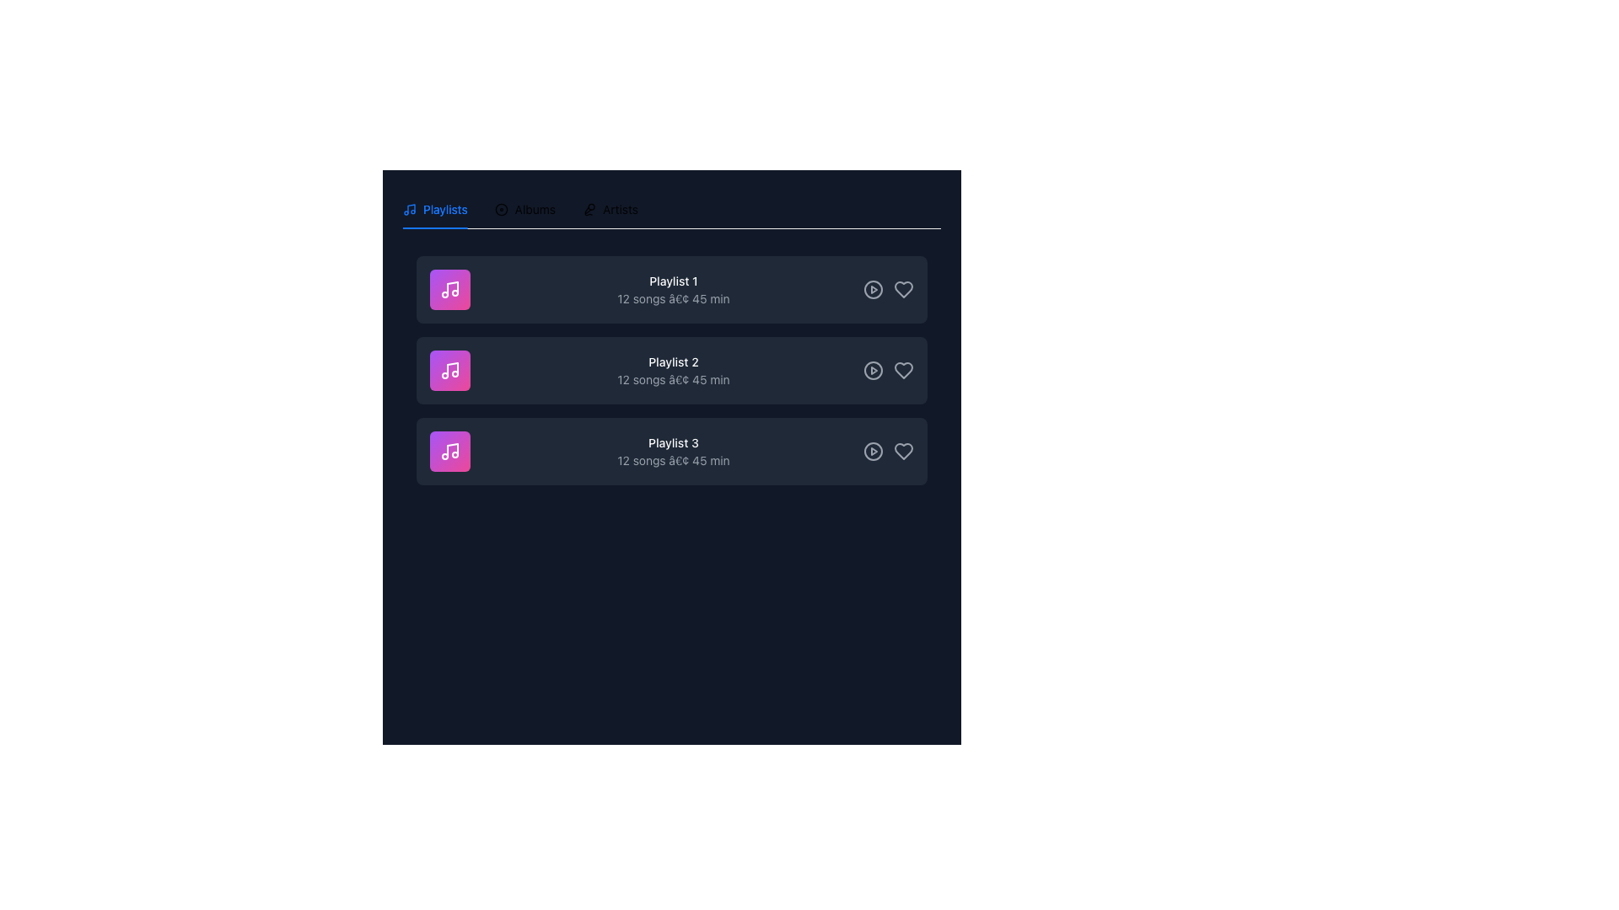 Image resolution: width=1619 pixels, height=910 pixels. I want to click on the 'Artists' tab in the horizontal navigation bar, so click(610, 209).